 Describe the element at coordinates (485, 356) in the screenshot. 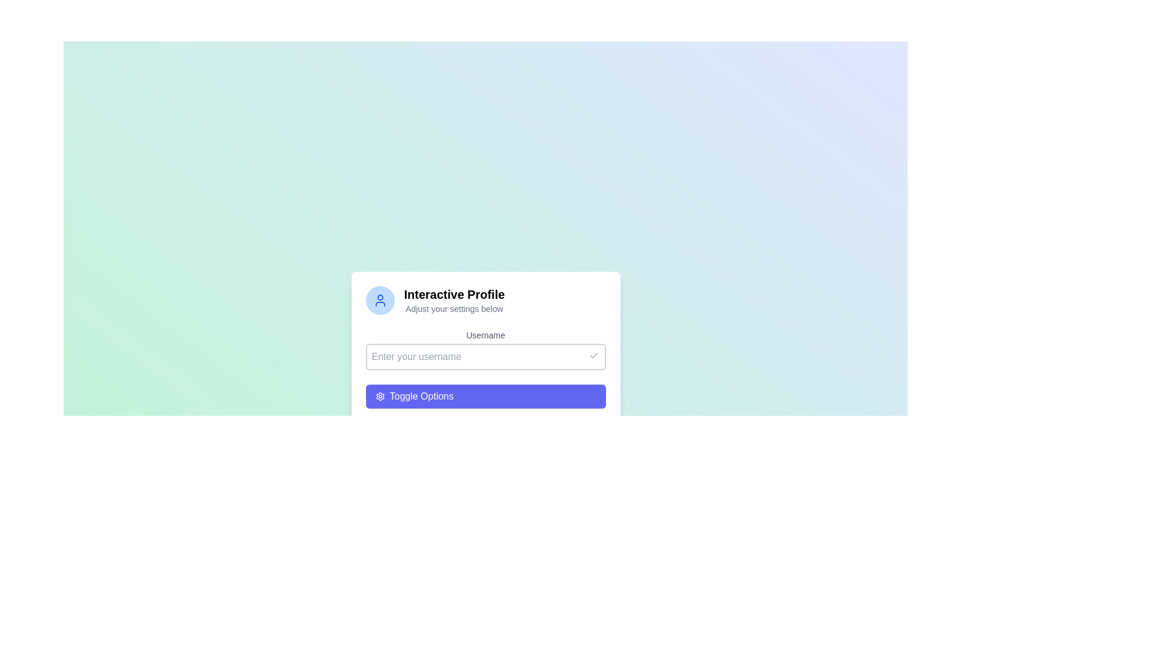

I see `the input field for entering the username, which has a light gray border and a white background, to focus it` at that location.